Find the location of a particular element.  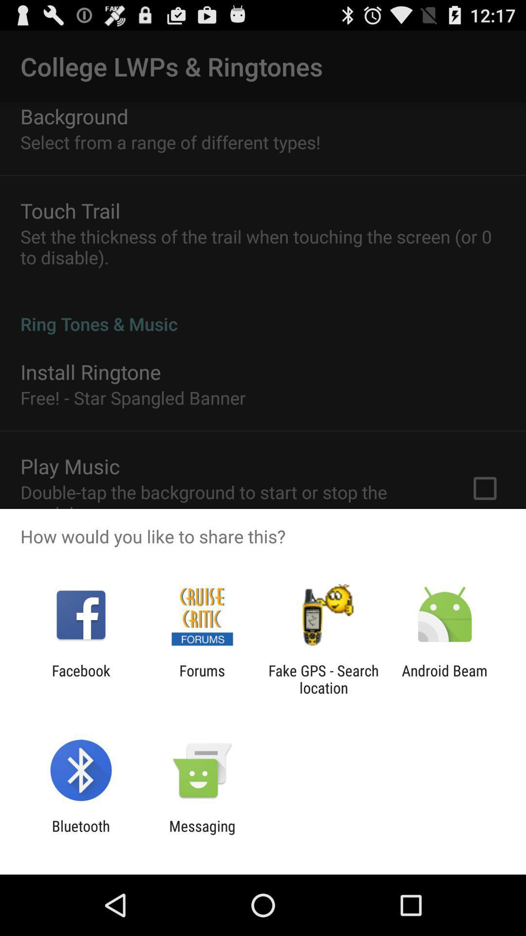

icon to the left of the messaging is located at coordinates (80, 834).